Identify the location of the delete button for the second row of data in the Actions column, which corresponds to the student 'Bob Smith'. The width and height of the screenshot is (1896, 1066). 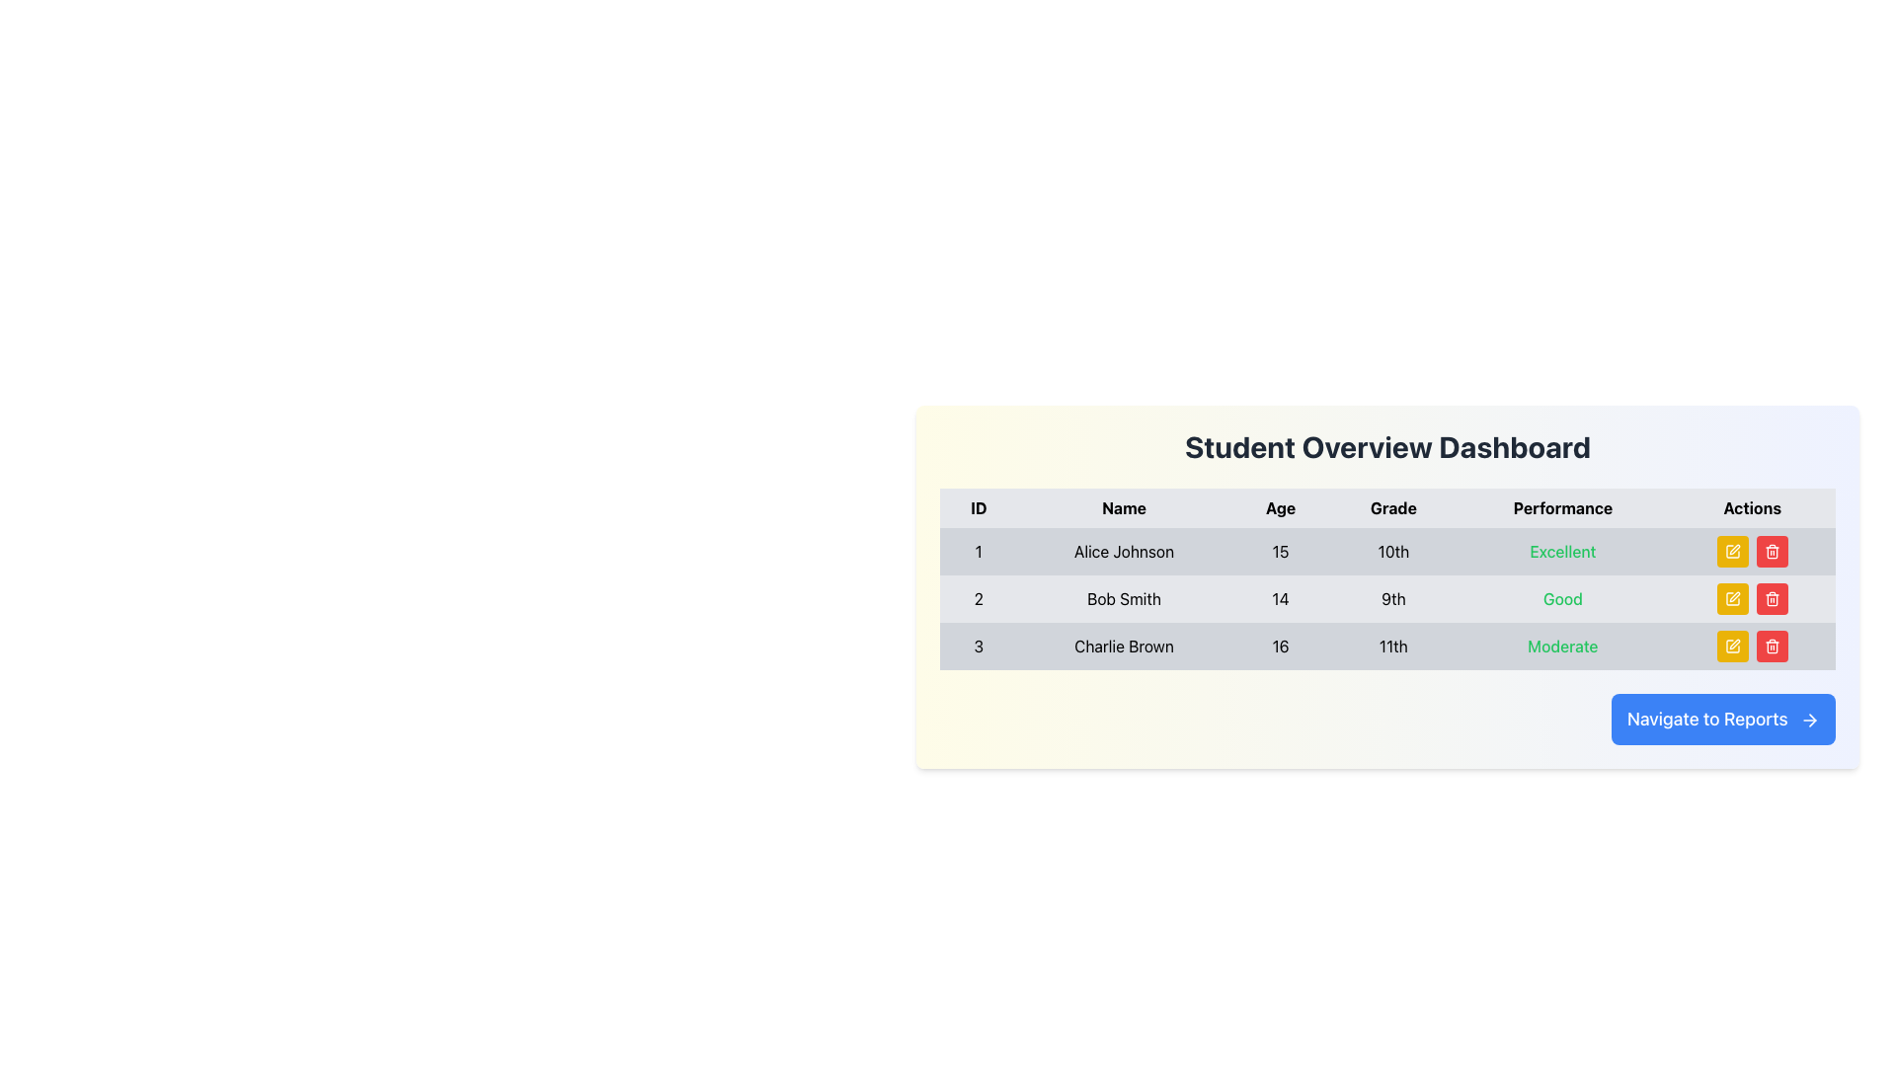
(1772, 597).